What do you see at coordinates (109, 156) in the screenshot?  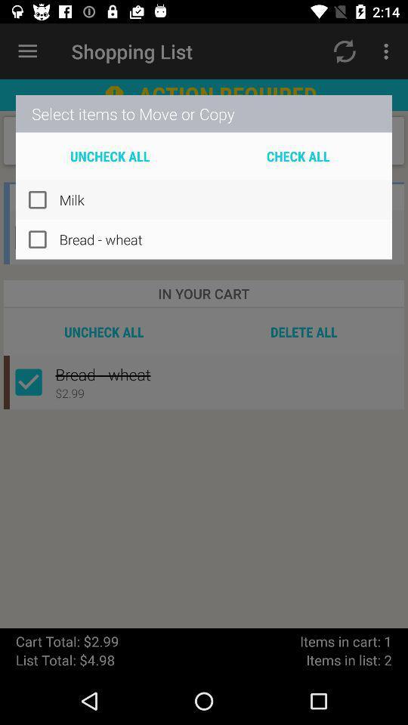 I see `the item next to check all icon` at bounding box center [109, 156].